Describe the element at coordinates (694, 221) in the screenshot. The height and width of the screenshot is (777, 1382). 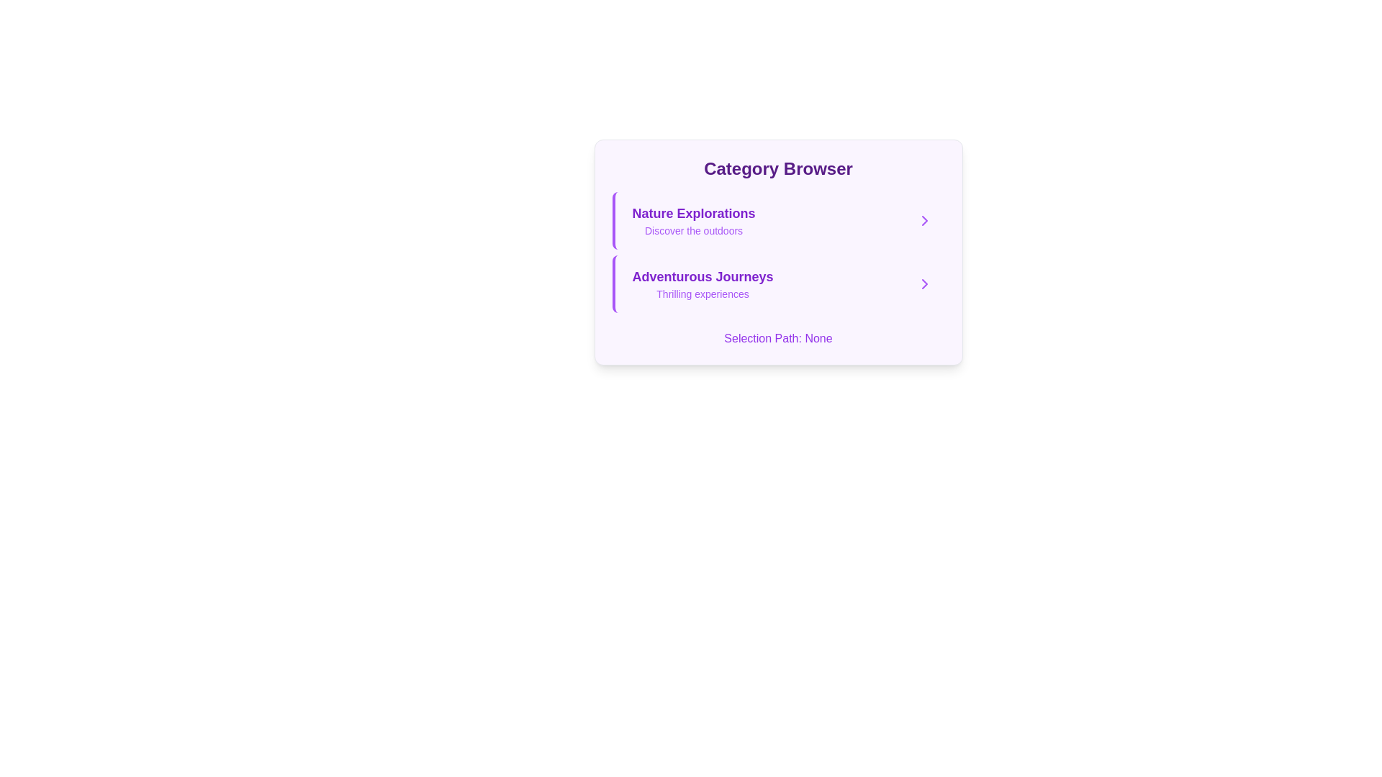
I see `text block that serves as a thematic selector for nature exploration and outdoor activities, located in the 'Category Browser' section, above 'Adventurous Journeys'` at that location.